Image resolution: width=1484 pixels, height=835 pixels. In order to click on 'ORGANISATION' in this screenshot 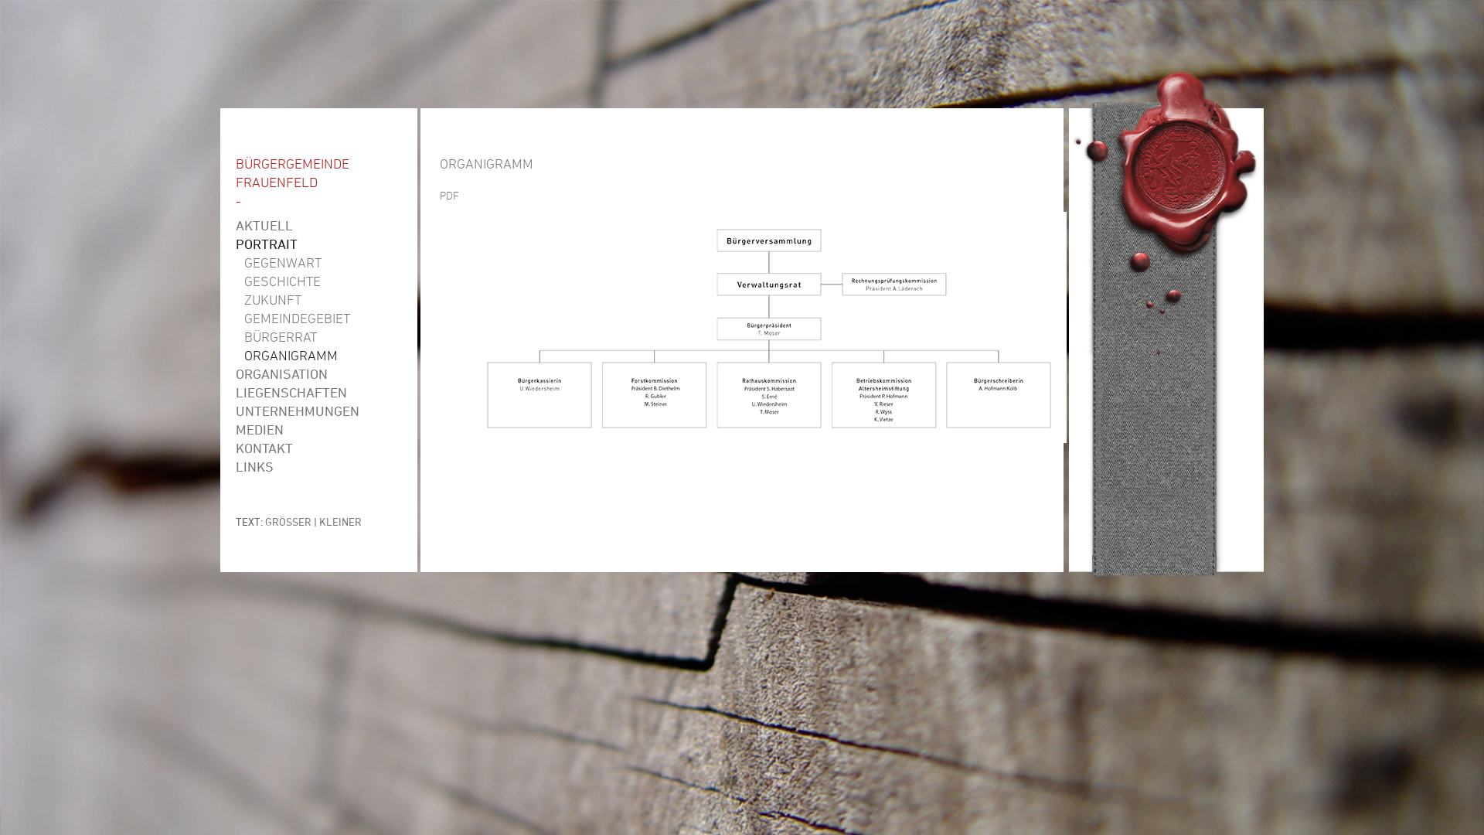, I will do `click(219, 373)`.